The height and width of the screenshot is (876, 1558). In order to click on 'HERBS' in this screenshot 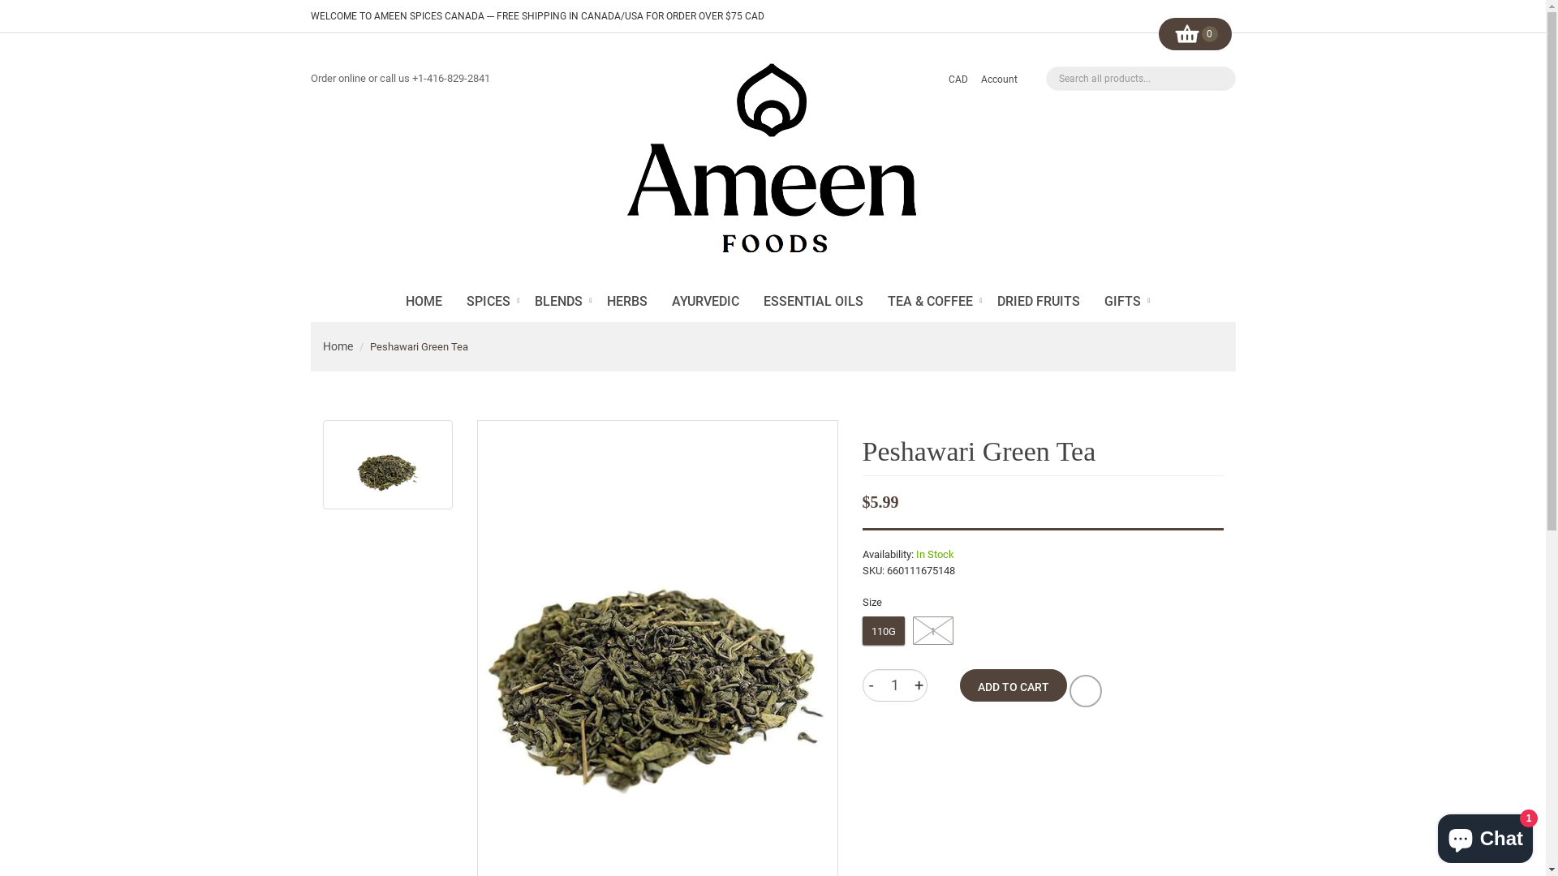, I will do `click(626, 301)`.